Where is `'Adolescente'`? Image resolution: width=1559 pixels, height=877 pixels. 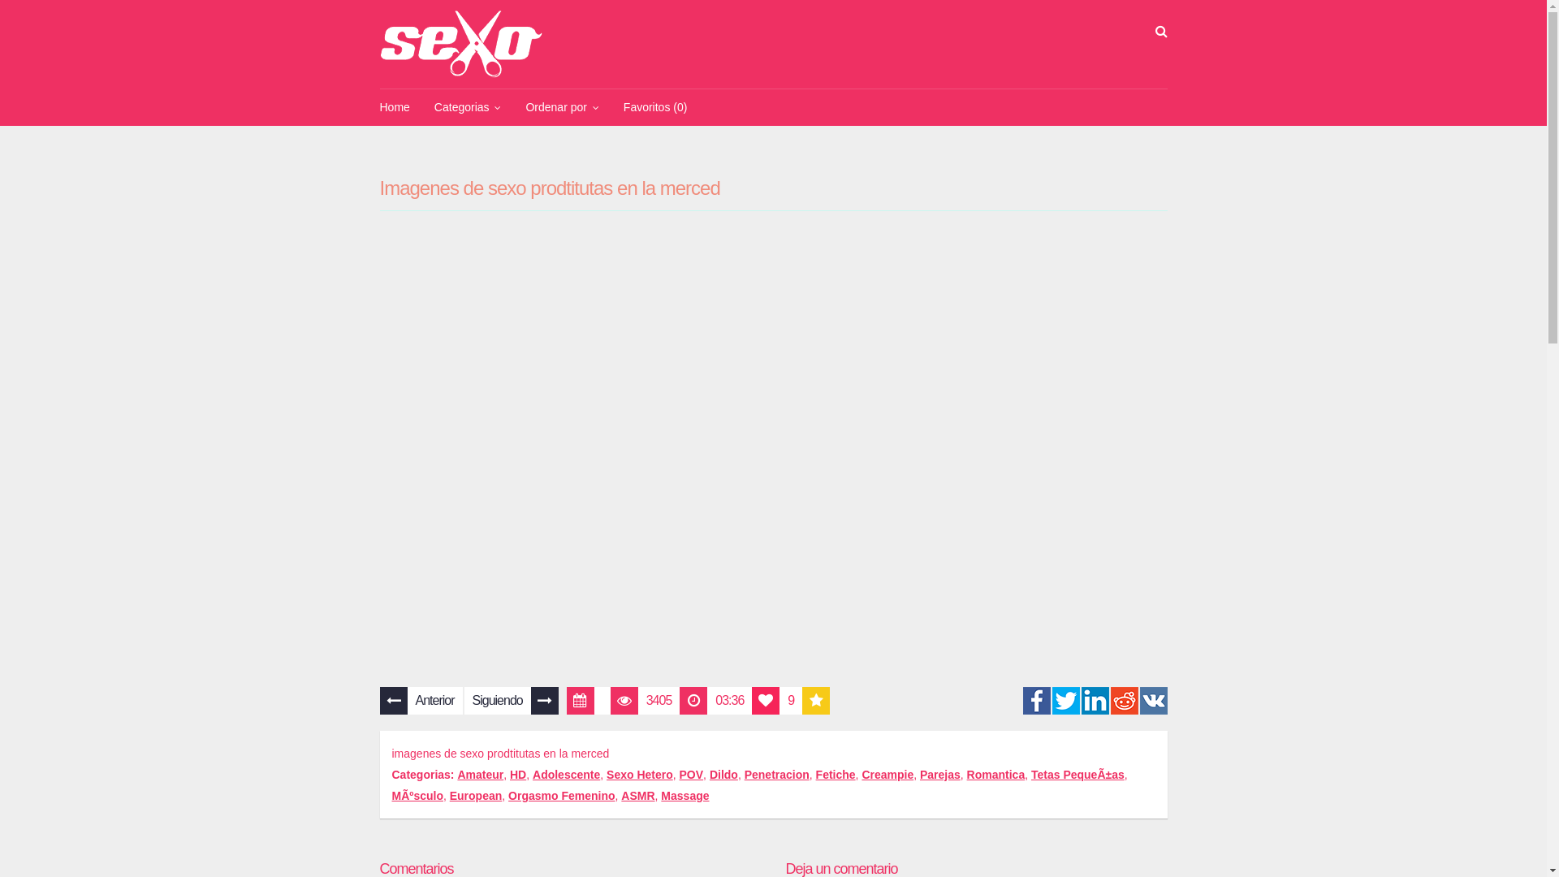
'Adolescente' is located at coordinates (533, 773).